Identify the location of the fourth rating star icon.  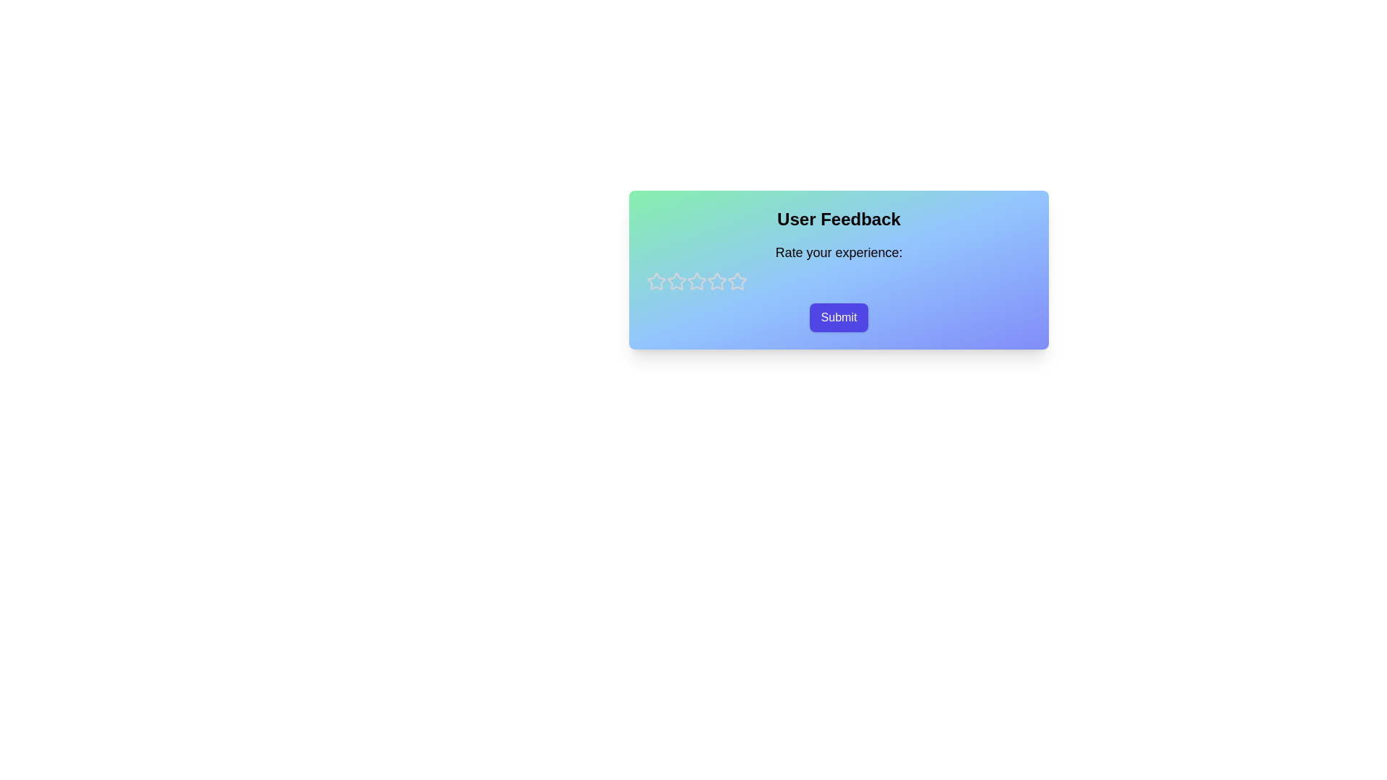
(696, 281).